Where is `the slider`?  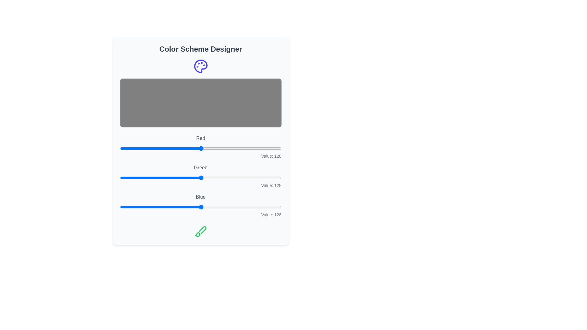
the slider is located at coordinates (230, 178).